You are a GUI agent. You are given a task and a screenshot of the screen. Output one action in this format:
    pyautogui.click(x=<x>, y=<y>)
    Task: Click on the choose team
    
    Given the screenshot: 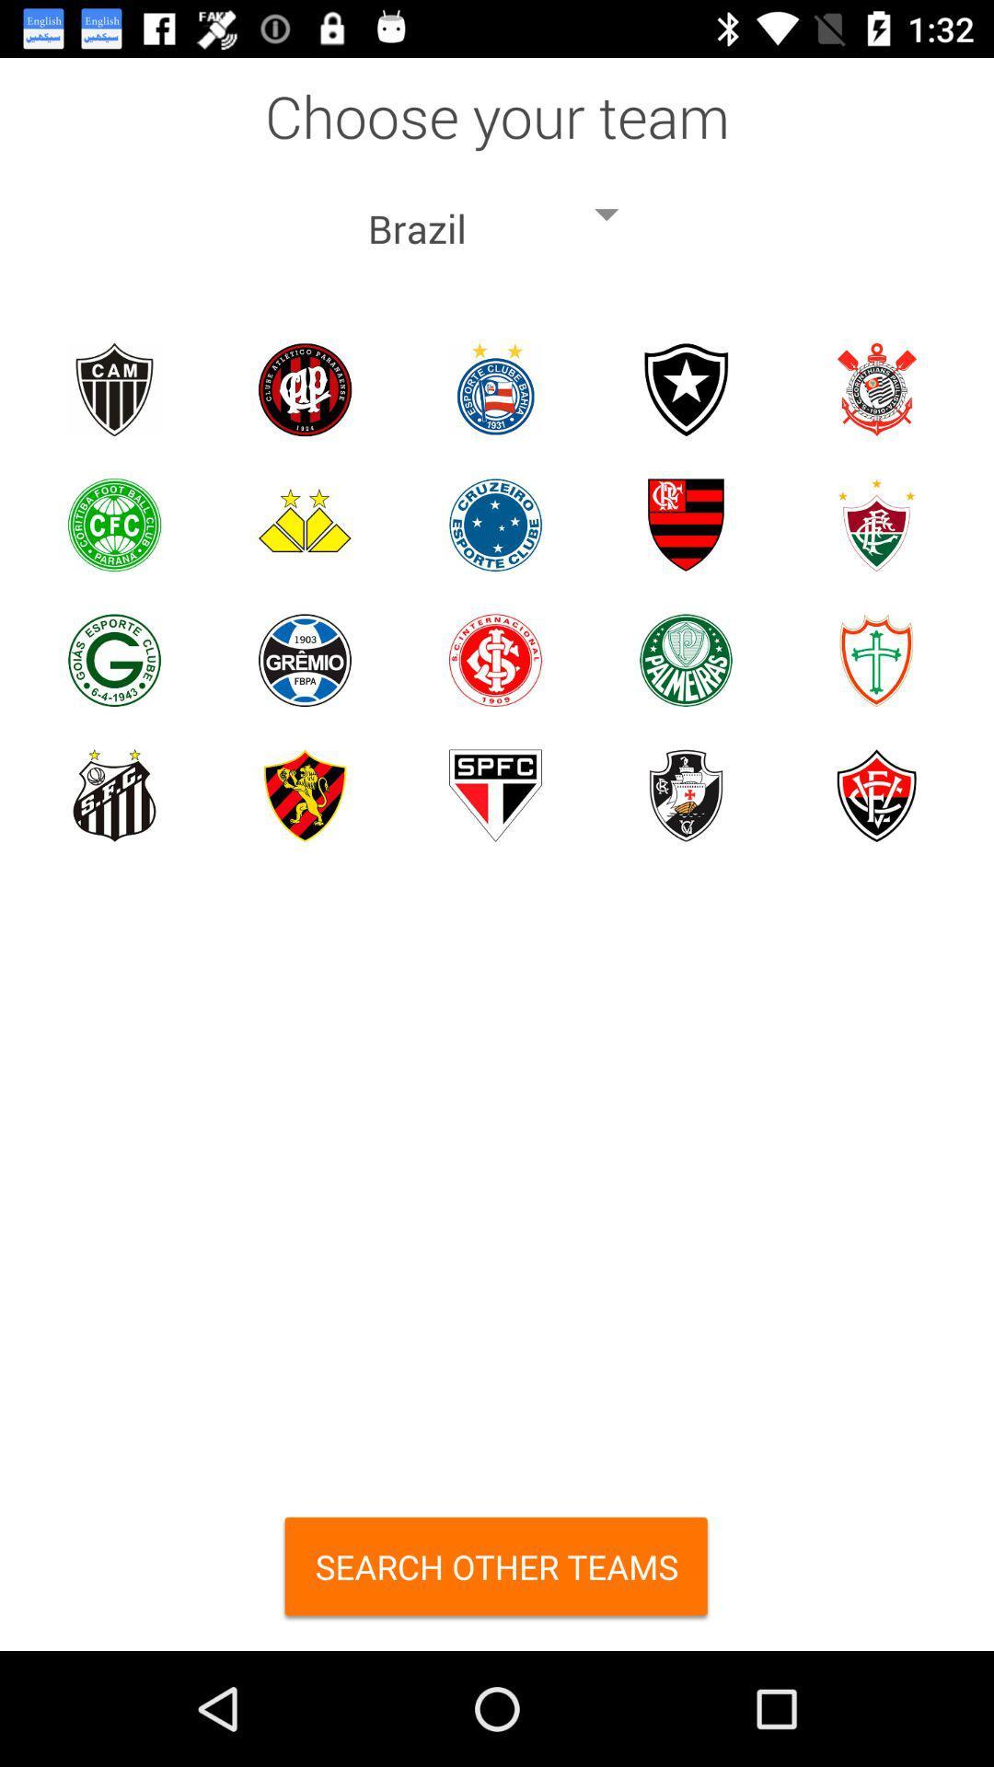 What is the action you would take?
    pyautogui.click(x=494, y=388)
    